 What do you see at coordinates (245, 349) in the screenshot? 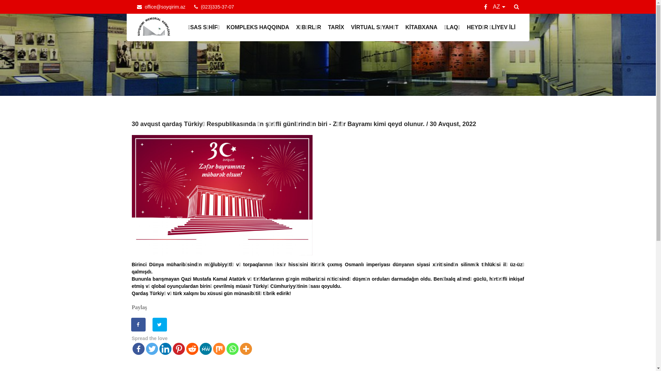
I see `'More'` at bounding box center [245, 349].